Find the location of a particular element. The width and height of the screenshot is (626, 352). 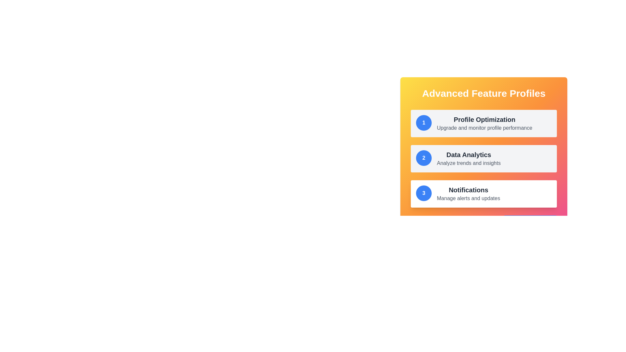

text 'Notifications' and 'Manage alerts and updates' from the text block located within the third card titled '3' in the list under 'Advanced Feature Profiles' is located at coordinates (468, 193).